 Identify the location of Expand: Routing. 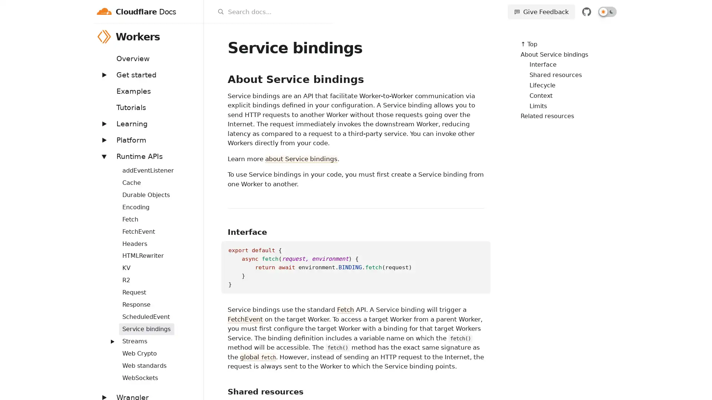
(108, 313).